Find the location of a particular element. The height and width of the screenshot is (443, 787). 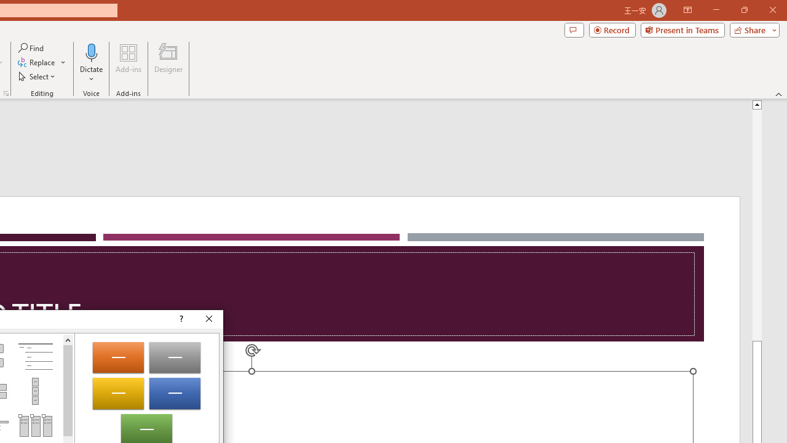

'Context help' is located at coordinates (180, 319).